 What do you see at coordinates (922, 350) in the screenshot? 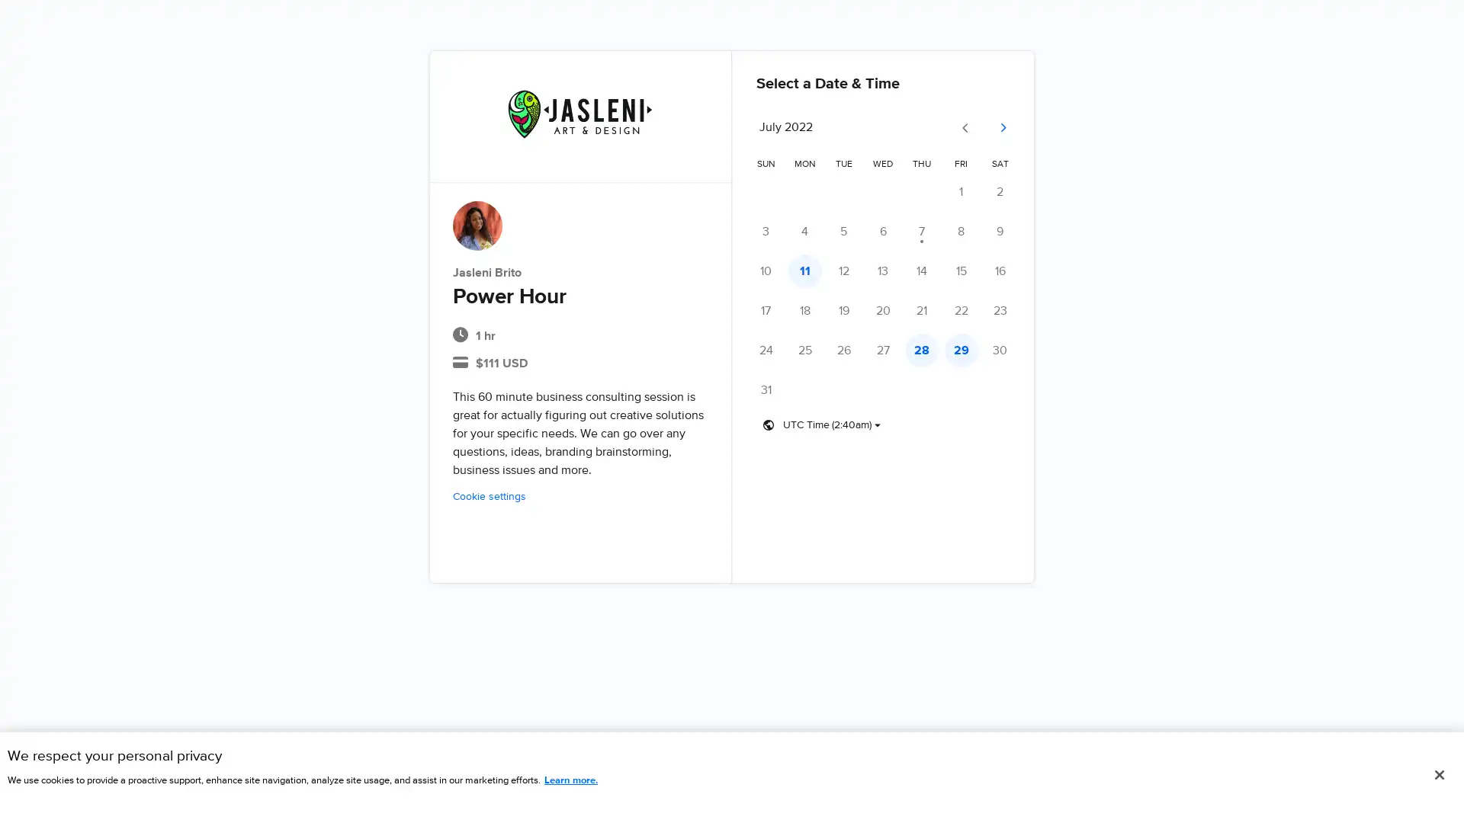
I see `Thursday, July 28 - Times available` at bounding box center [922, 350].